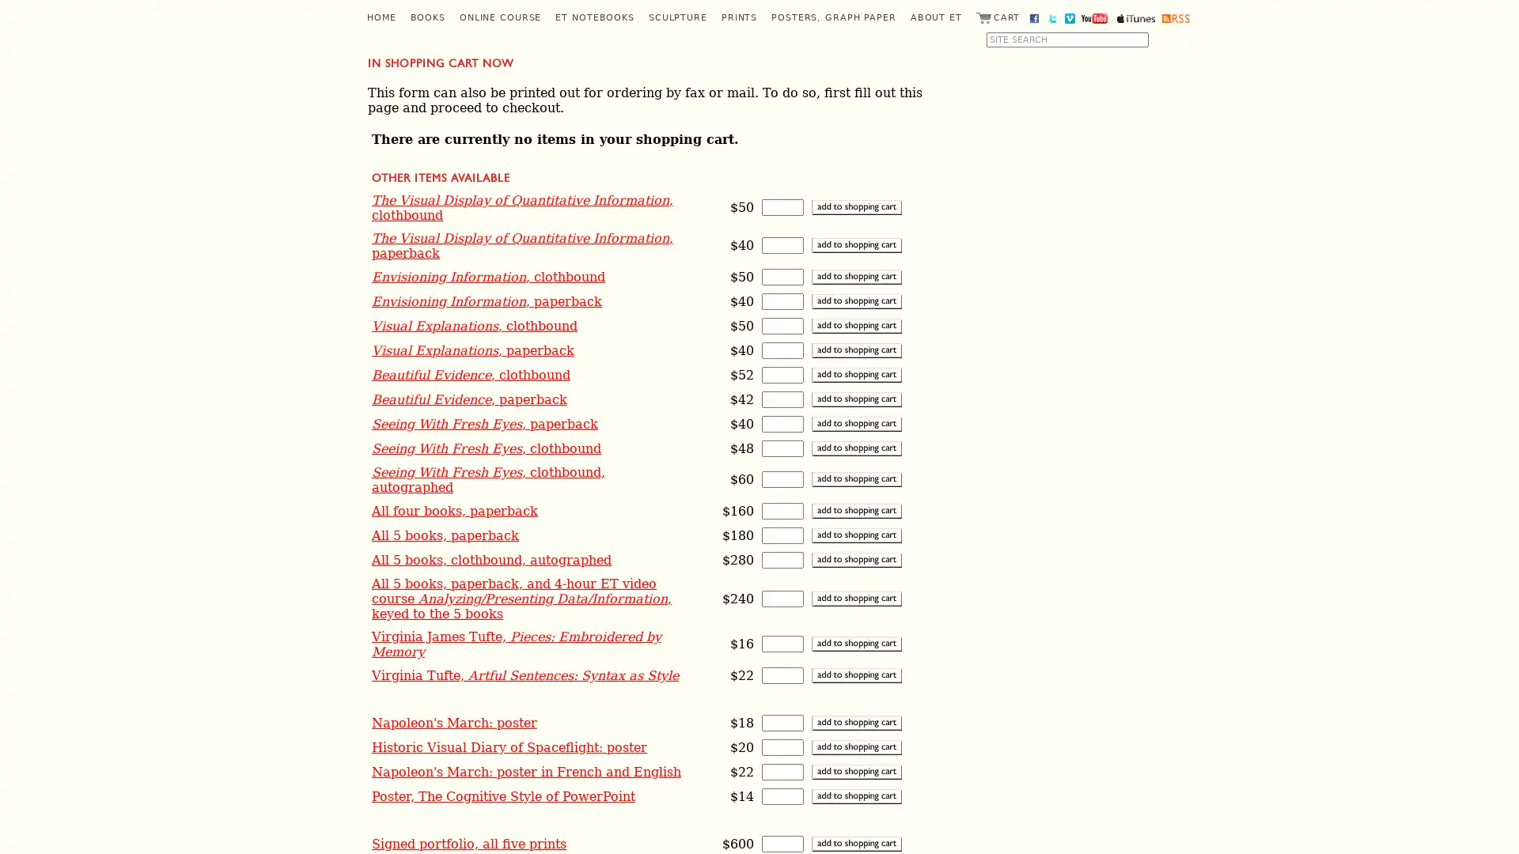 This screenshot has width=1519, height=854. Describe the element at coordinates (856, 722) in the screenshot. I see `add to shopping cart` at that location.